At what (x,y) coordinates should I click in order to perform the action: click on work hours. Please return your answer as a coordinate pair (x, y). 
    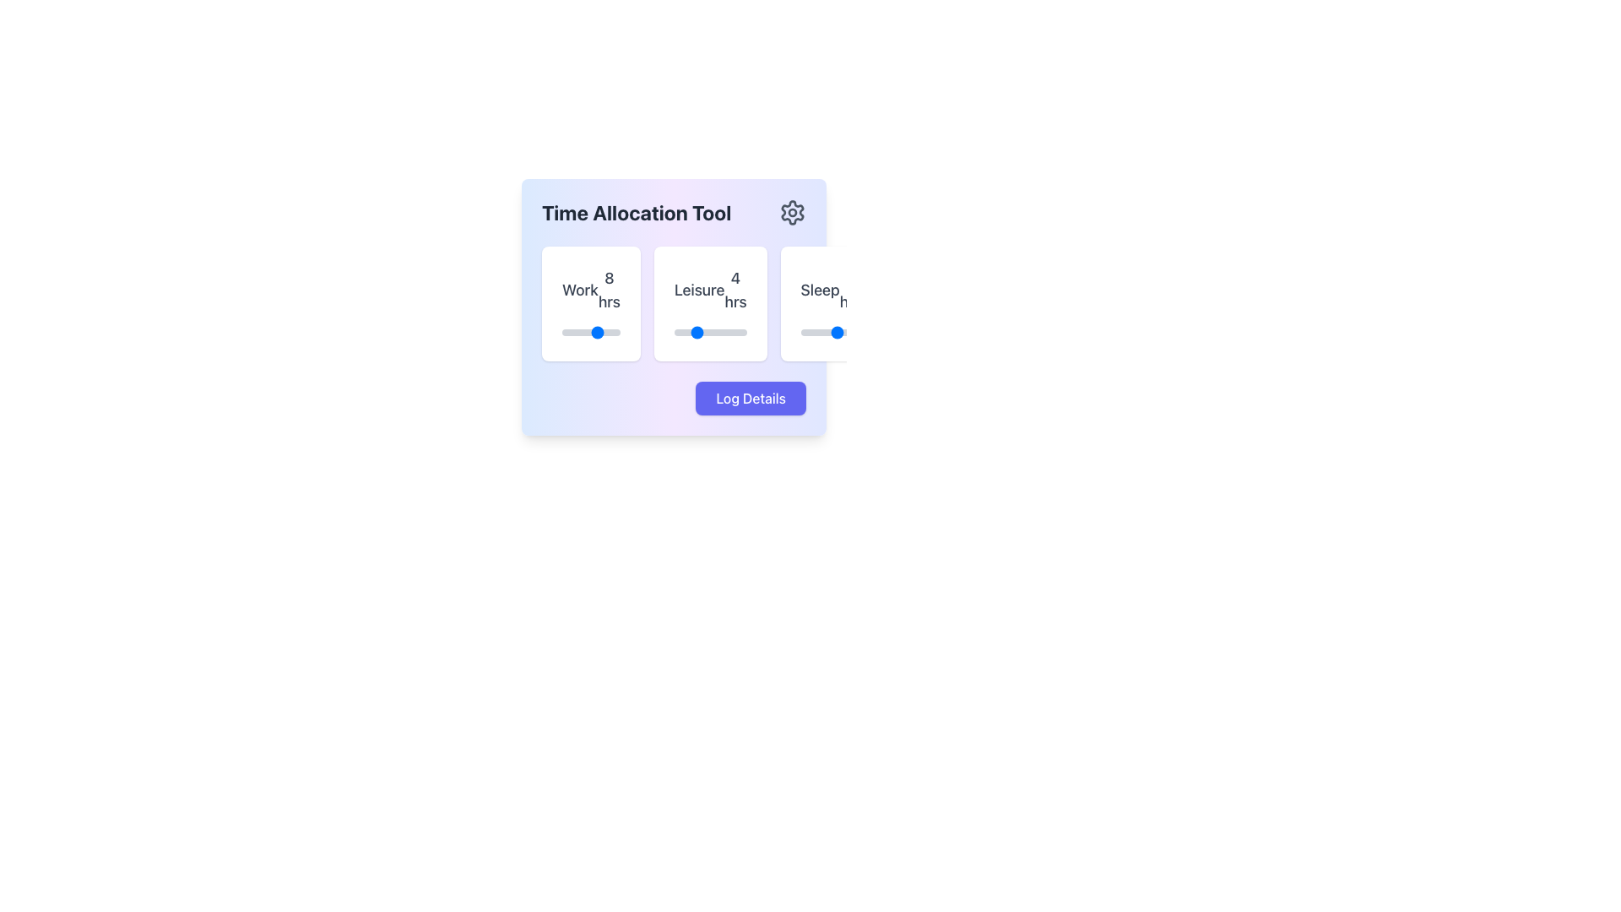
    Looking at the image, I should click on (562, 332).